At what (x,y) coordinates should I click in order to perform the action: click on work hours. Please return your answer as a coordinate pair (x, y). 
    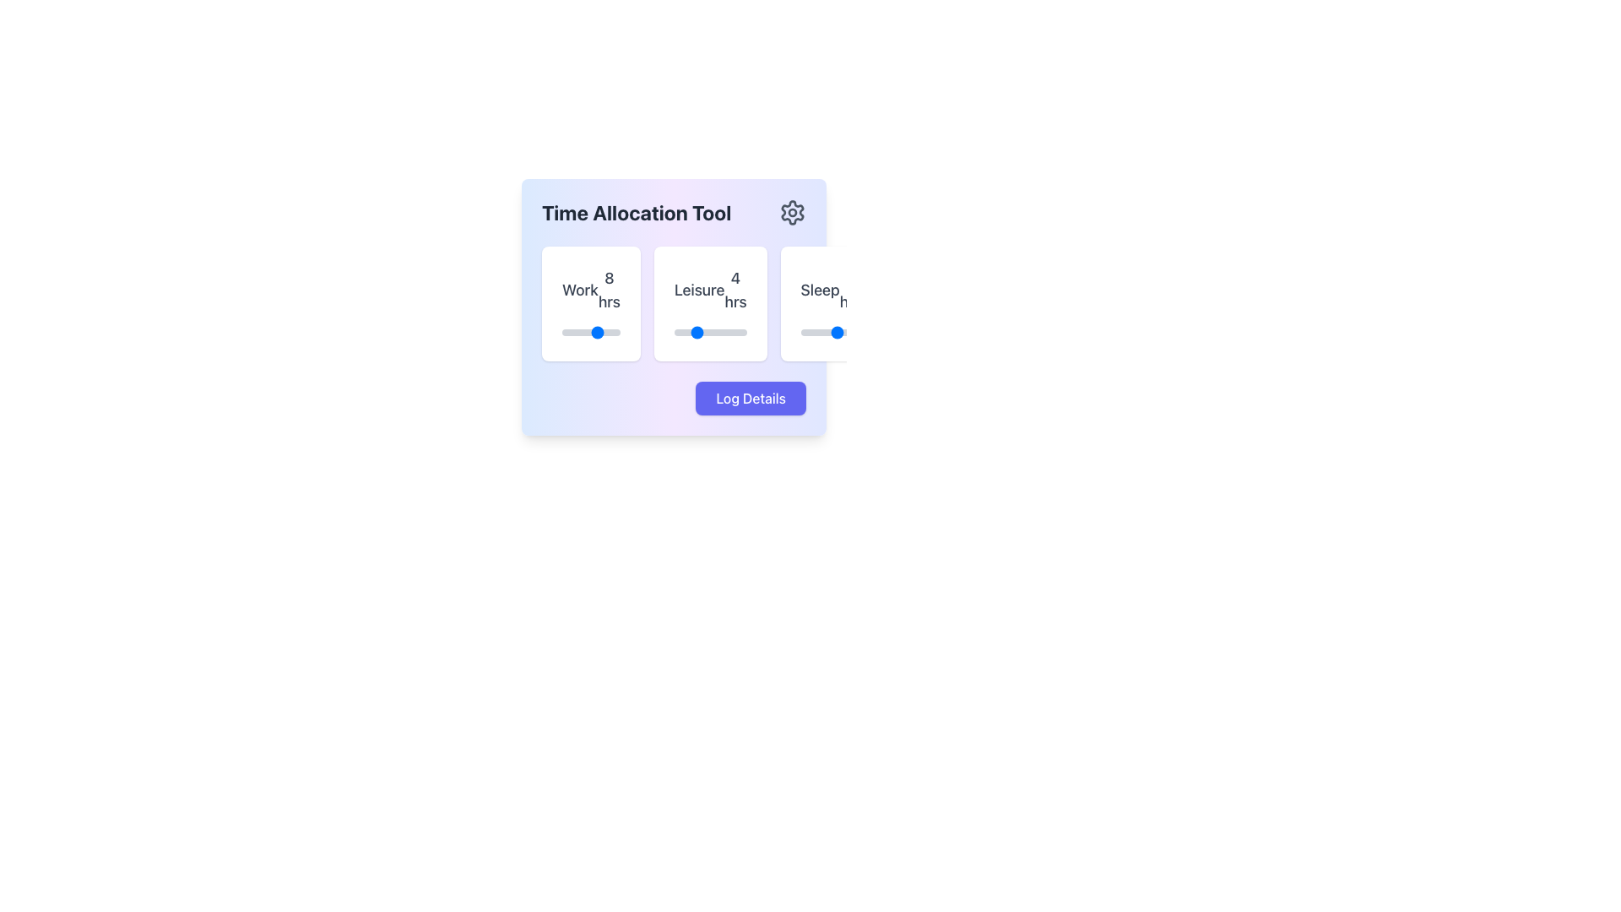
    Looking at the image, I should click on (562, 332).